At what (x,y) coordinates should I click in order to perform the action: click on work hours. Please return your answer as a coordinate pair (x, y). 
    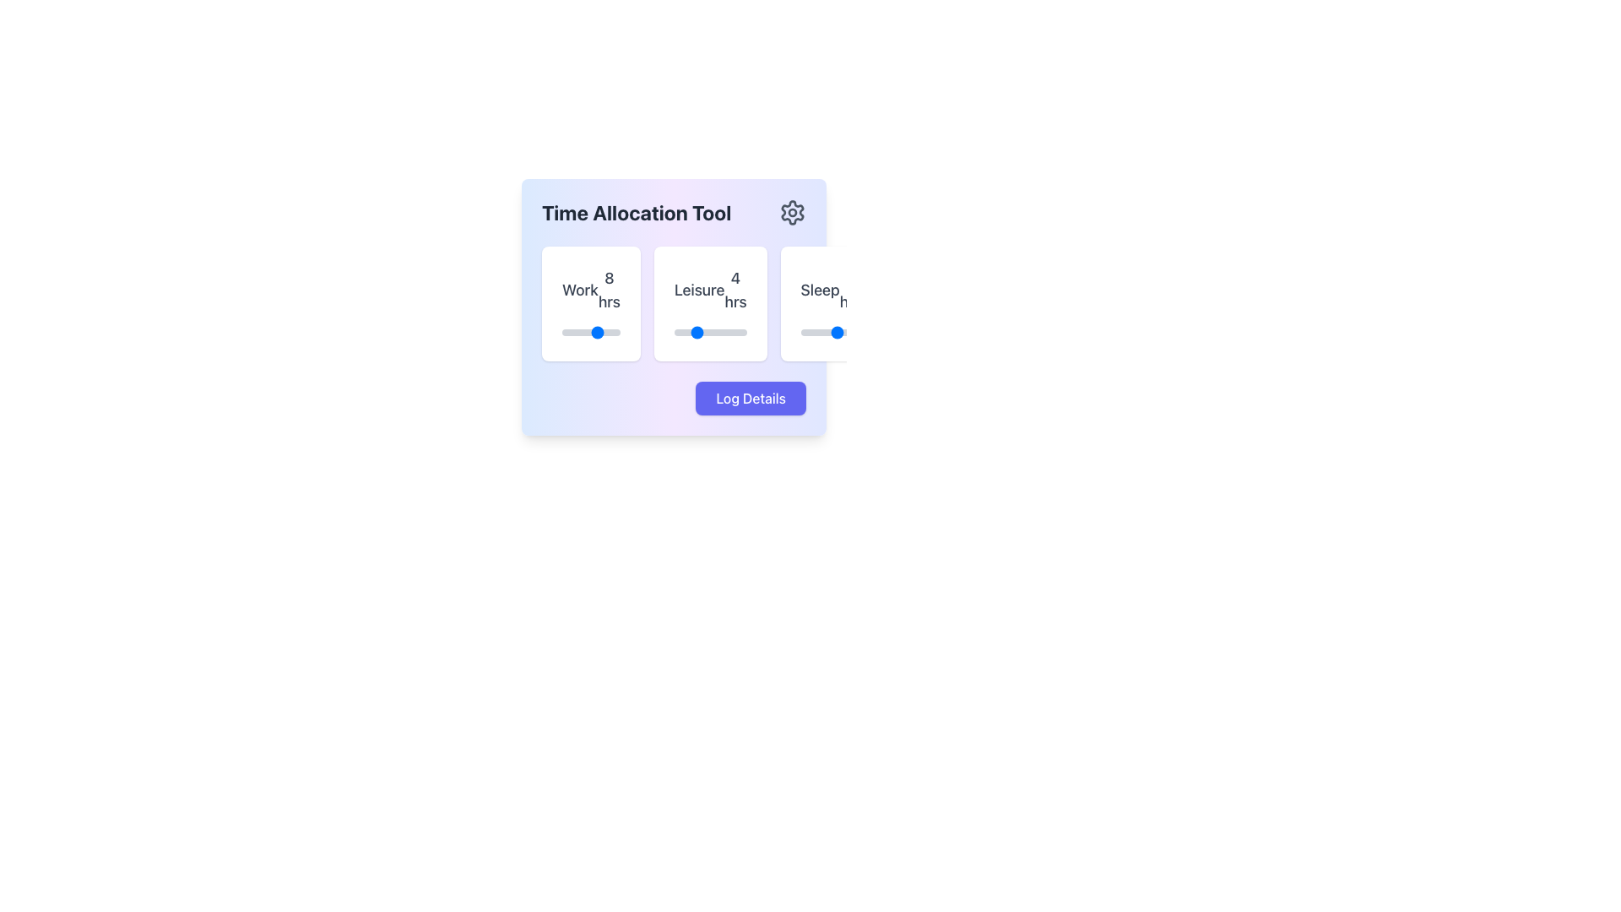
    Looking at the image, I should click on (562, 332).